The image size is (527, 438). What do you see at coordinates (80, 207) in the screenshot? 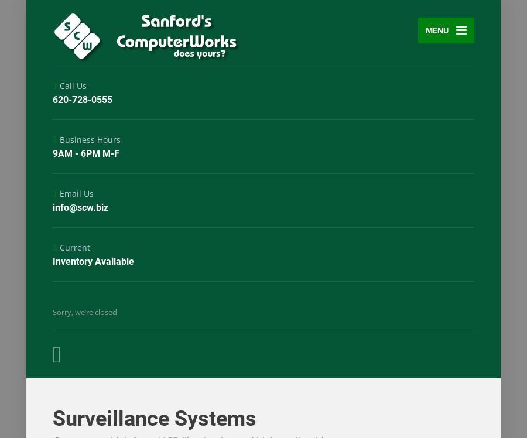
I see `'info@scw.biz'` at bounding box center [80, 207].